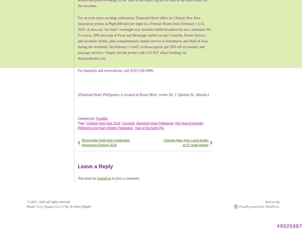  I want to click on 'You must be', so click(87, 178).